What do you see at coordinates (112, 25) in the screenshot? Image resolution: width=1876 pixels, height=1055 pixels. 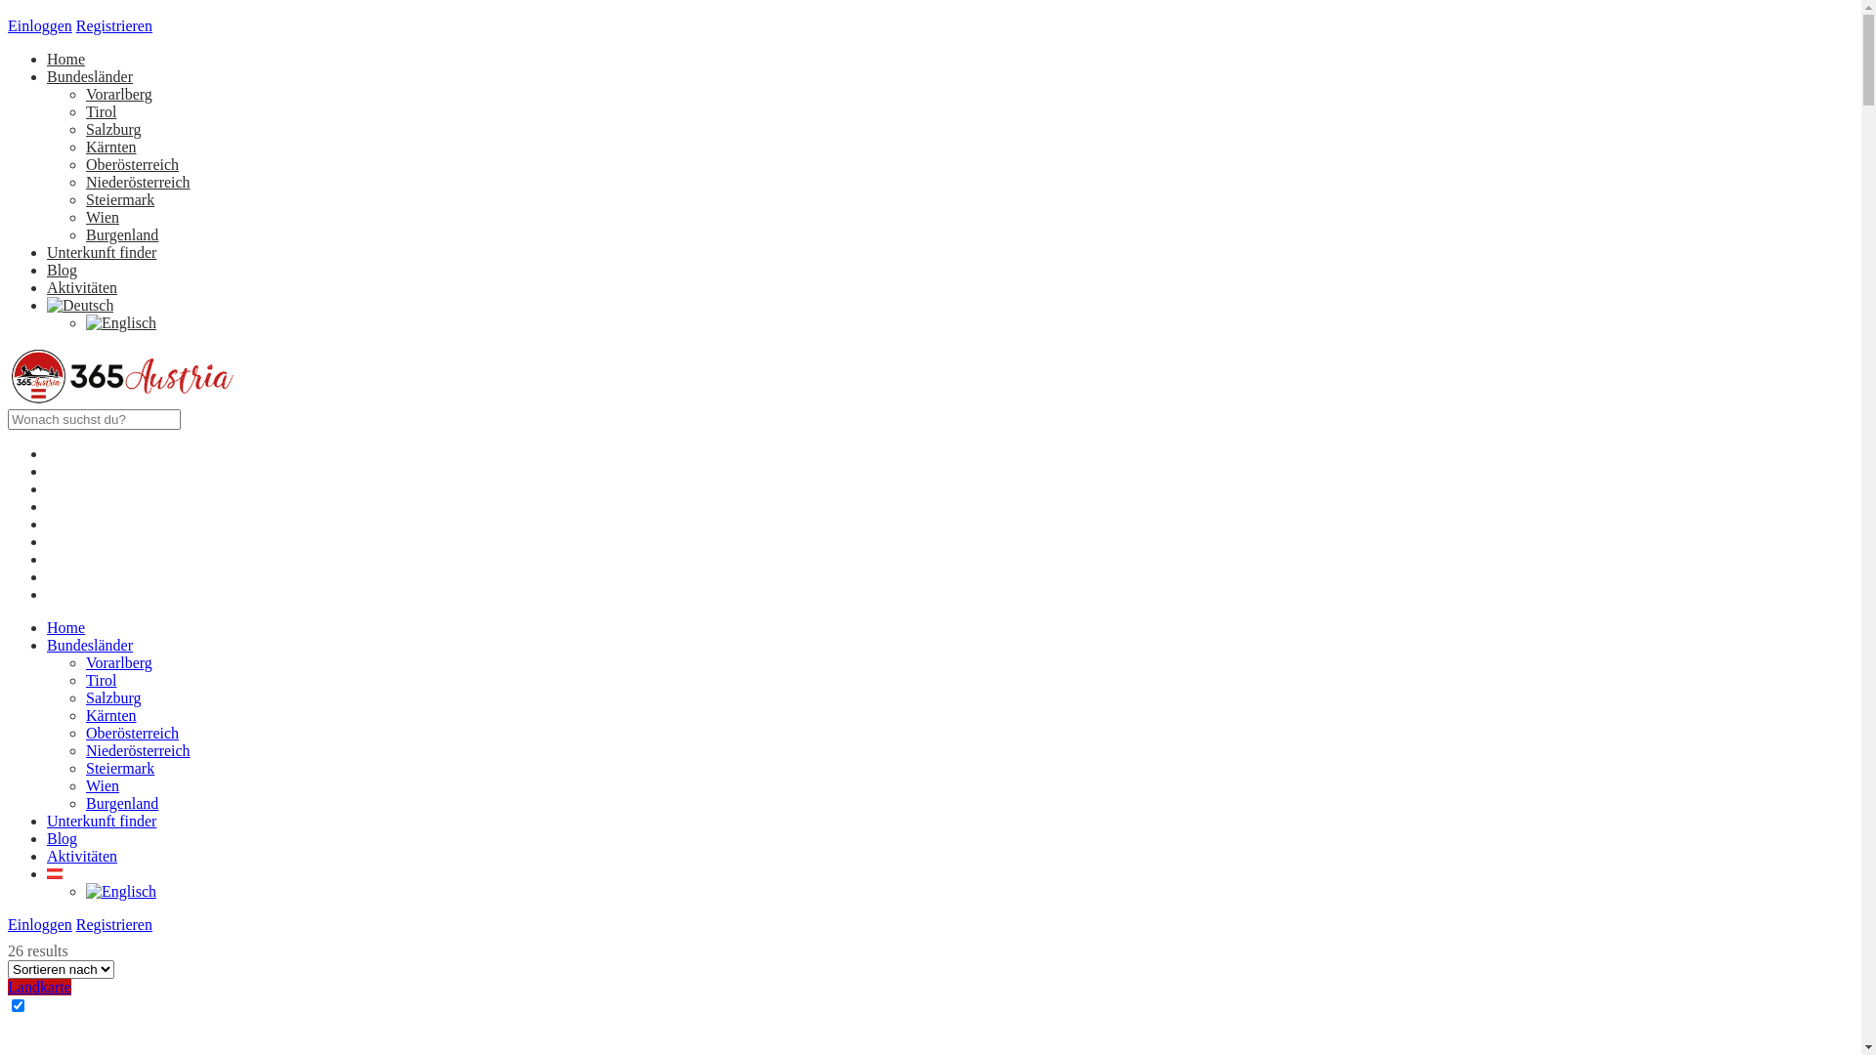 I see `'Registrieren'` at bounding box center [112, 25].